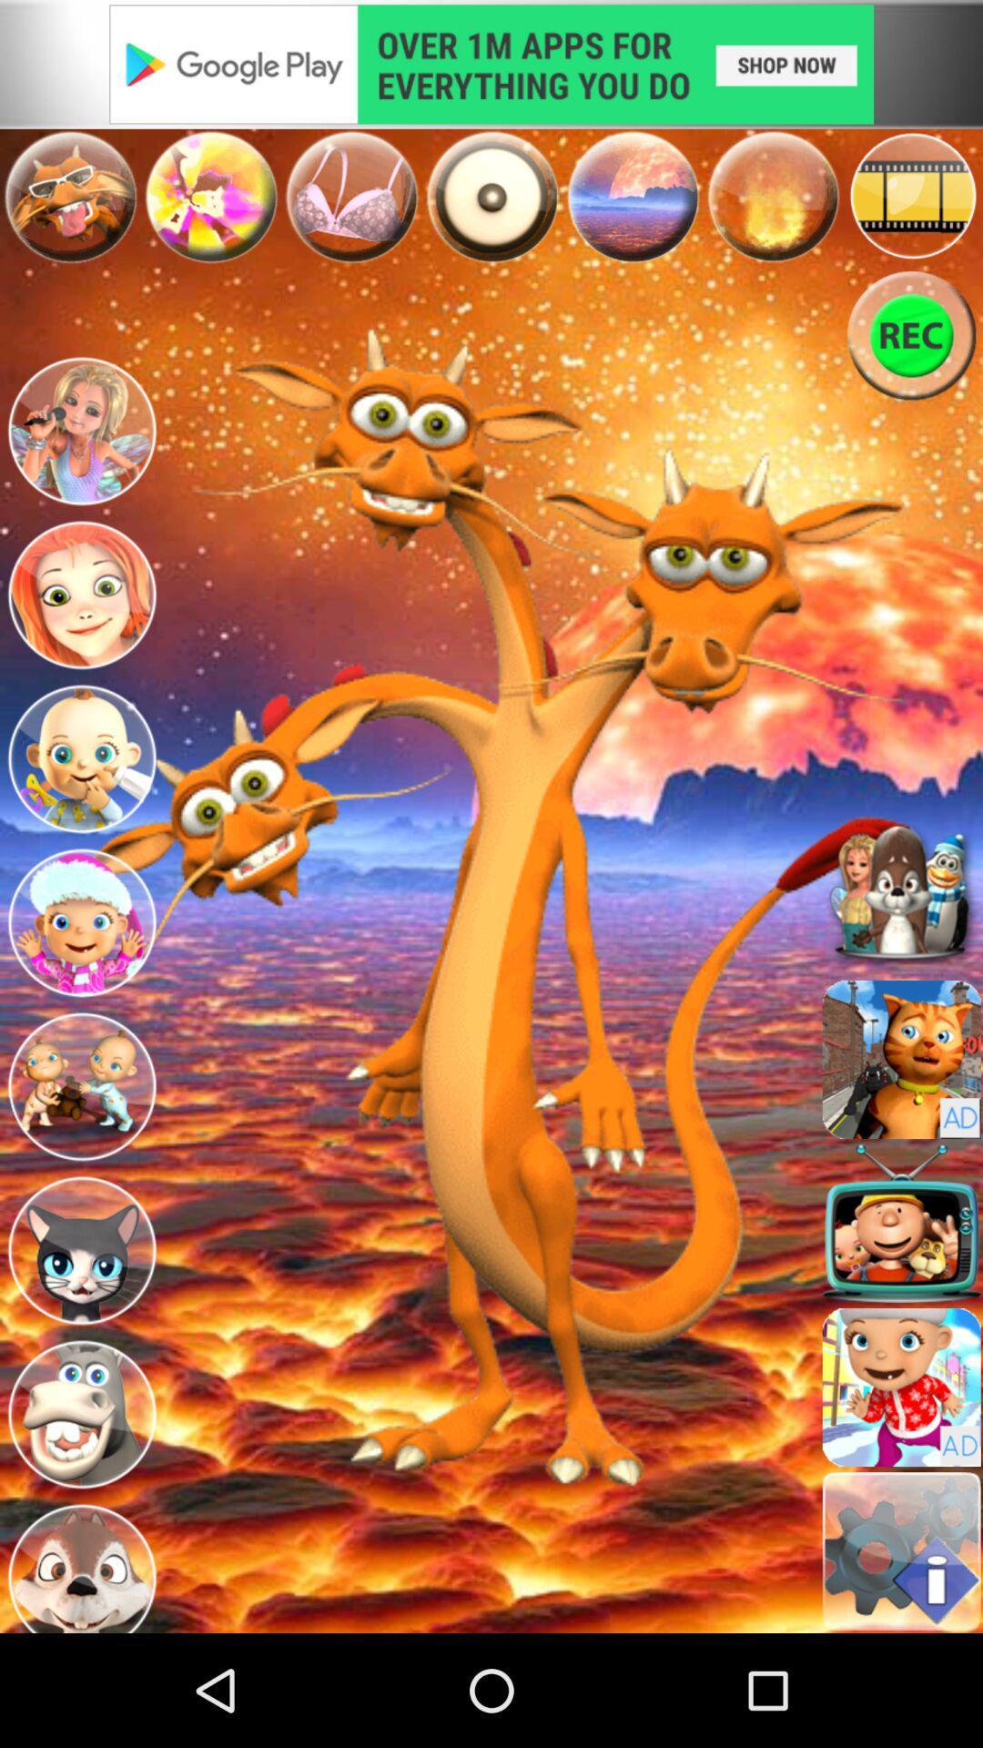 The image size is (983, 1748). I want to click on character type, so click(80, 1414).